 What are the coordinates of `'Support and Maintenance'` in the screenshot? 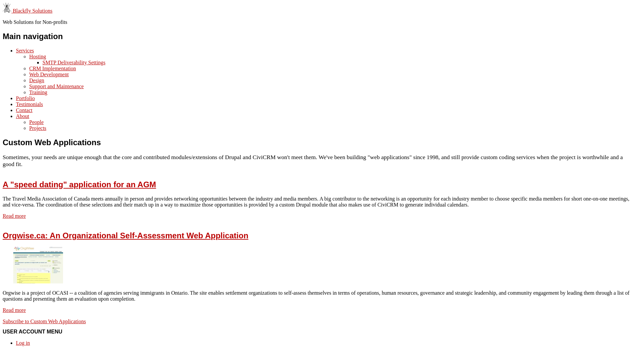 It's located at (56, 86).